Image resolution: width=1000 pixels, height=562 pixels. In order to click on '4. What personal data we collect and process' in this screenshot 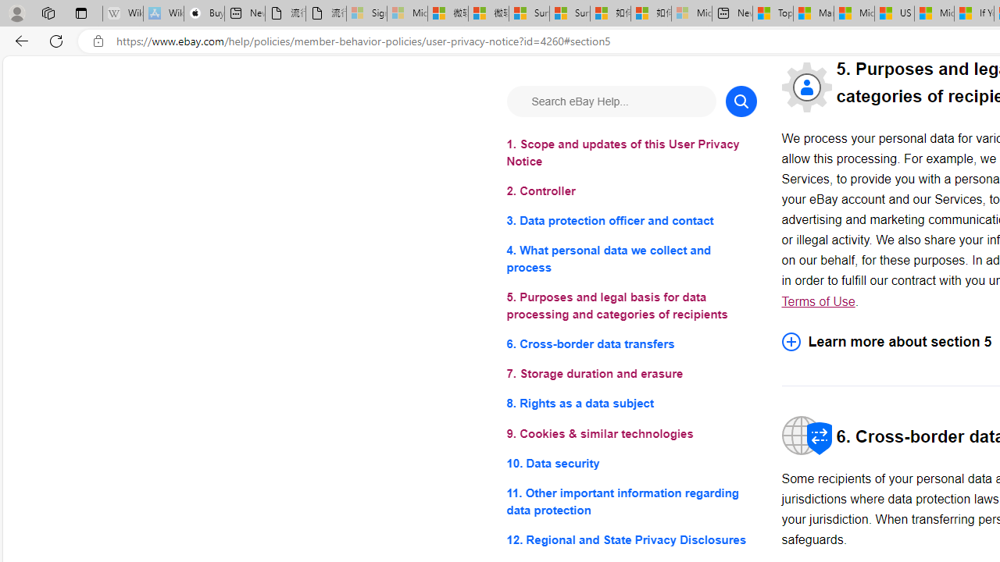, I will do `click(631, 258)`.